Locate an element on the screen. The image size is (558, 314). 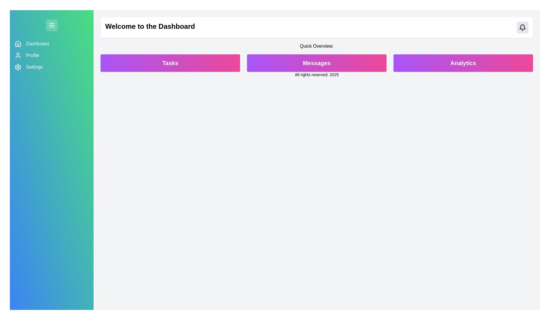
the hamburger menu icon located in the top left corner of the interface by is located at coordinates (51, 25).